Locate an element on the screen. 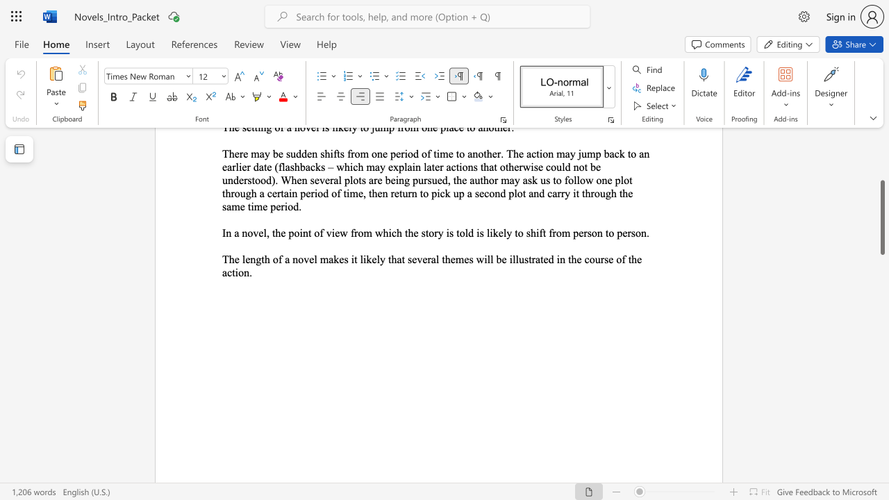 This screenshot has height=500, width=889. the scrollbar and move up 40 pixels is located at coordinates (881, 217).